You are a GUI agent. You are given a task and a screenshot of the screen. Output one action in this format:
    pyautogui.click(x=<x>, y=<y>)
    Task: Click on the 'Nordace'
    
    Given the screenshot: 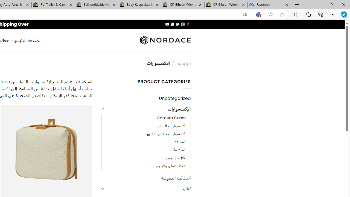 What is the action you would take?
    pyautogui.click(x=165, y=40)
    